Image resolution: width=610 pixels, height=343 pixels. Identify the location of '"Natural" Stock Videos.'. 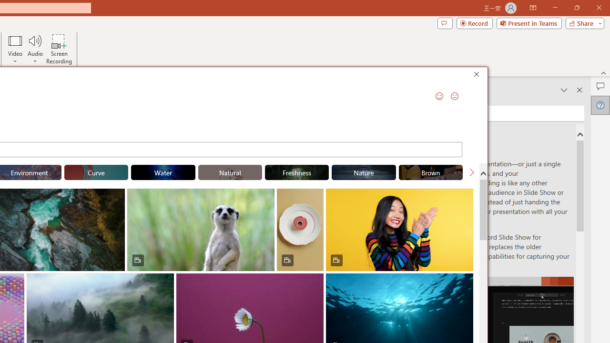
(230, 172).